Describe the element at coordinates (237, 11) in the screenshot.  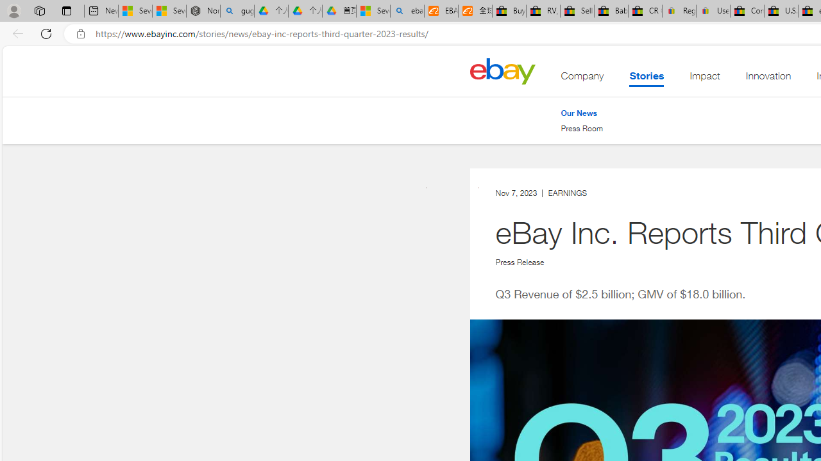
I see `'guge yunpan - Search'` at that location.